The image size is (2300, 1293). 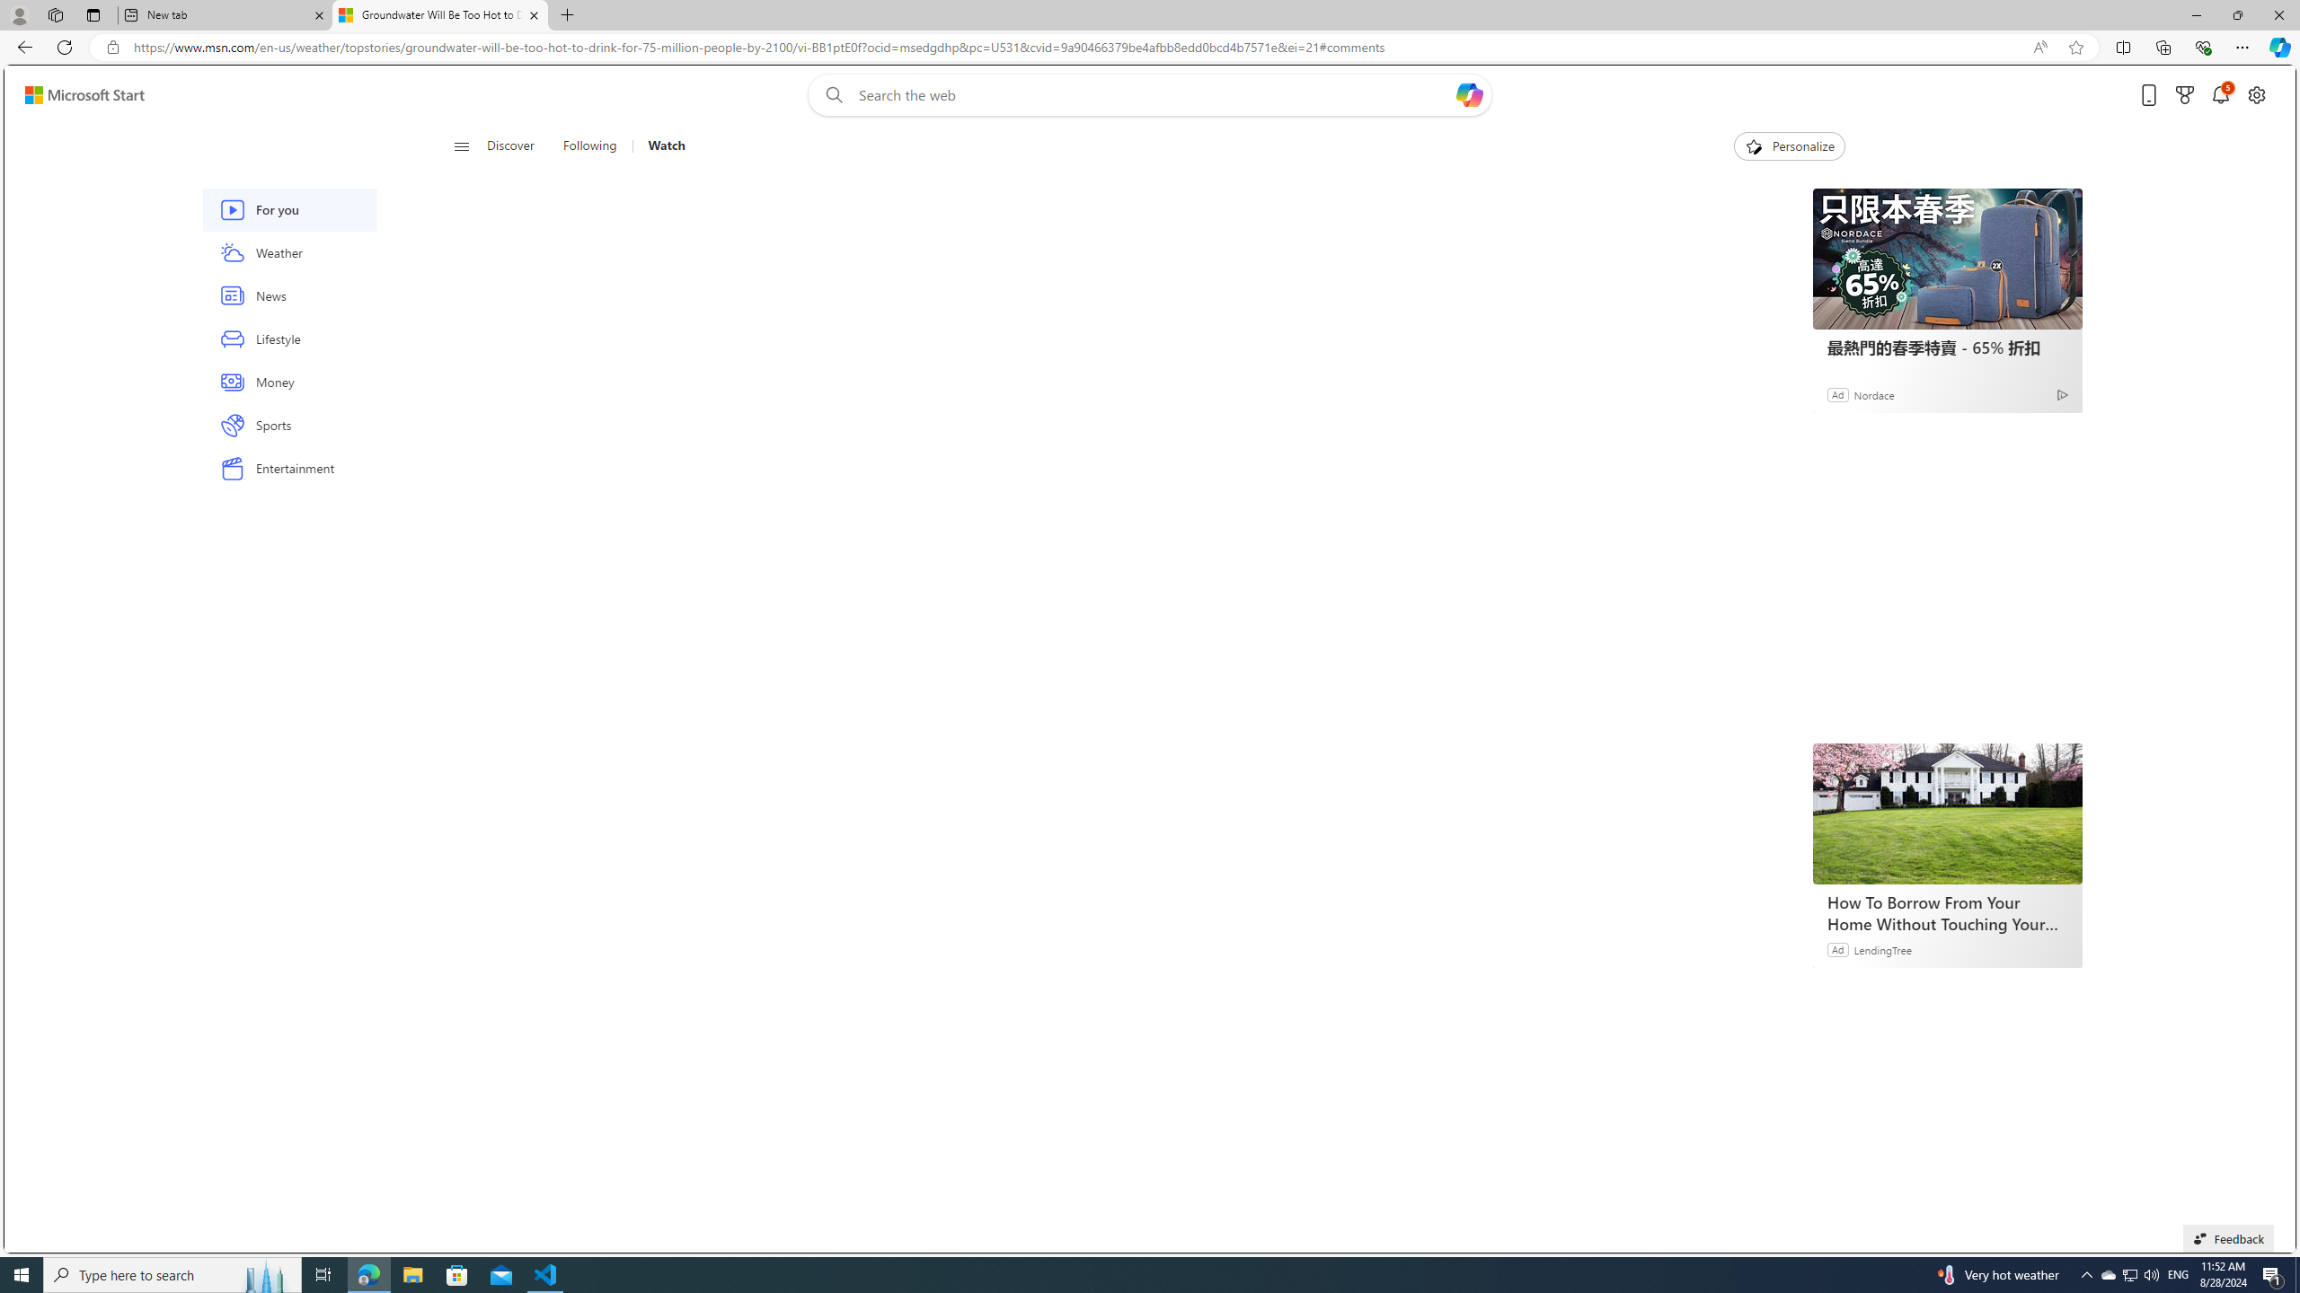 I want to click on 'Open settings', so click(x=2256, y=95).